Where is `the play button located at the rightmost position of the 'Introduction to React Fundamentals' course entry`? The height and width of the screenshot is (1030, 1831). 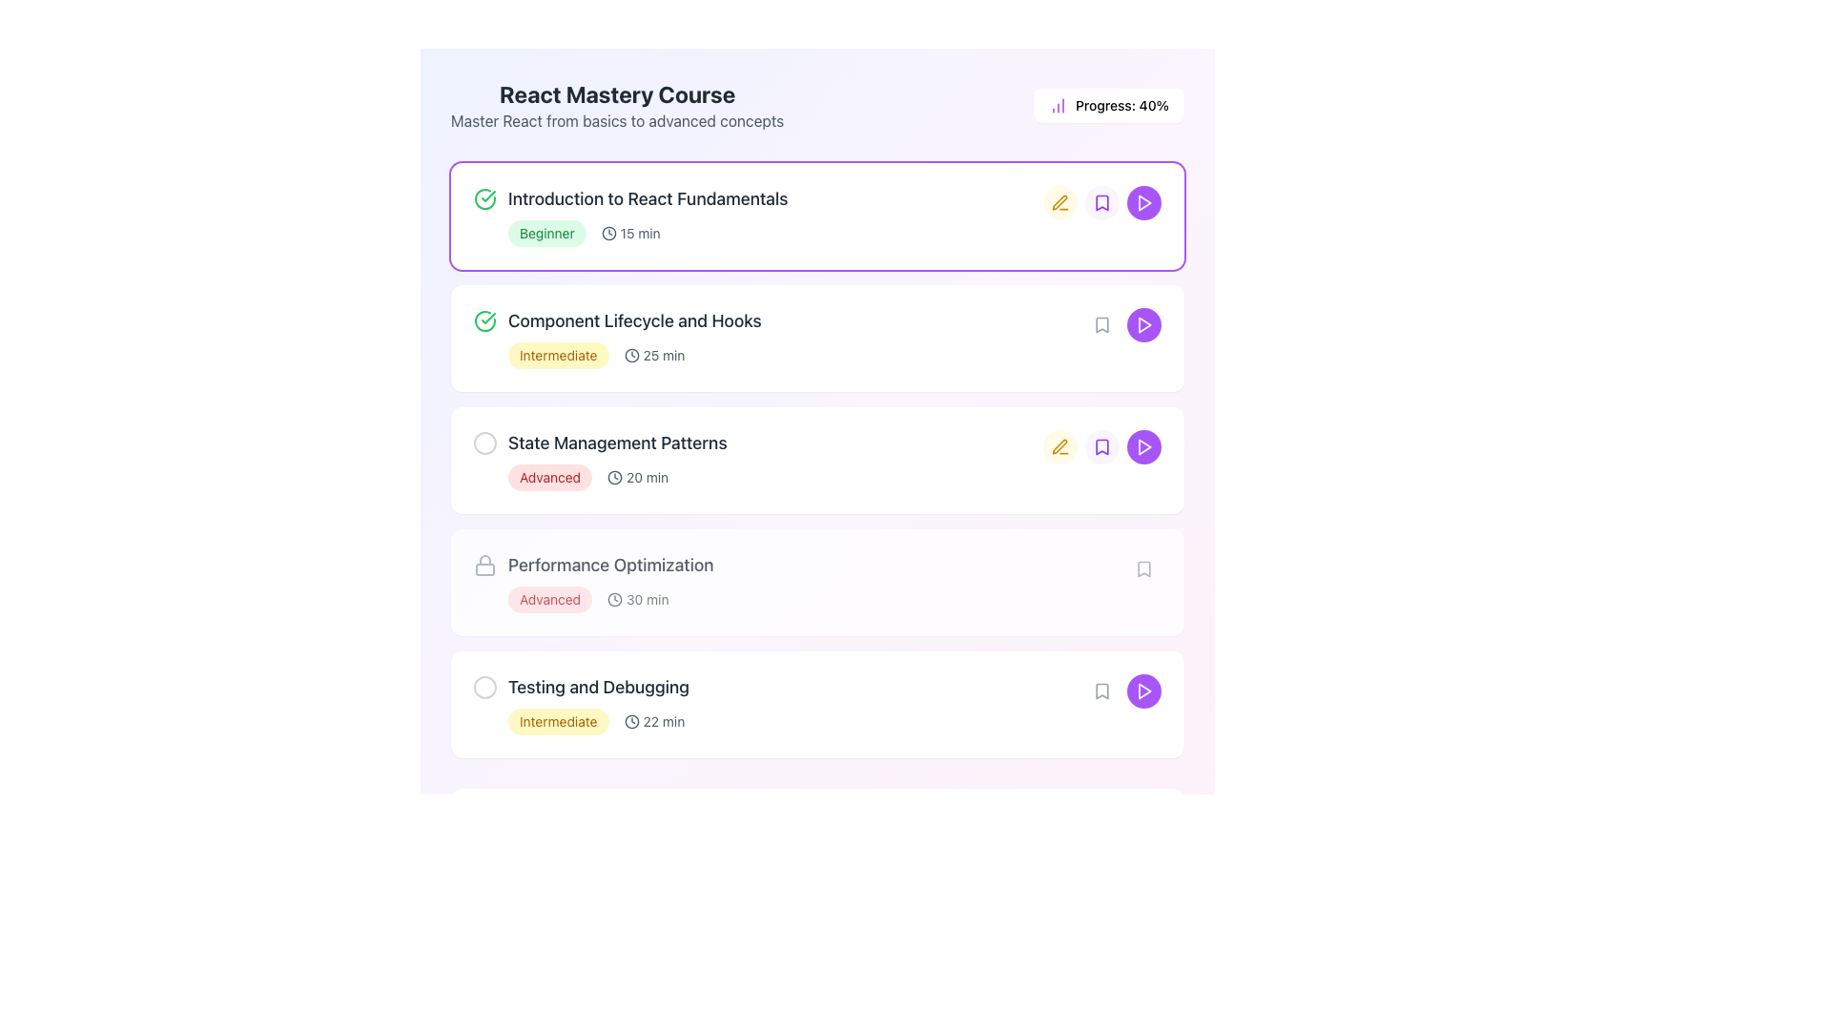
the play button located at the rightmost position of the 'Introduction to React Fundamentals' course entry is located at coordinates (1144, 323).